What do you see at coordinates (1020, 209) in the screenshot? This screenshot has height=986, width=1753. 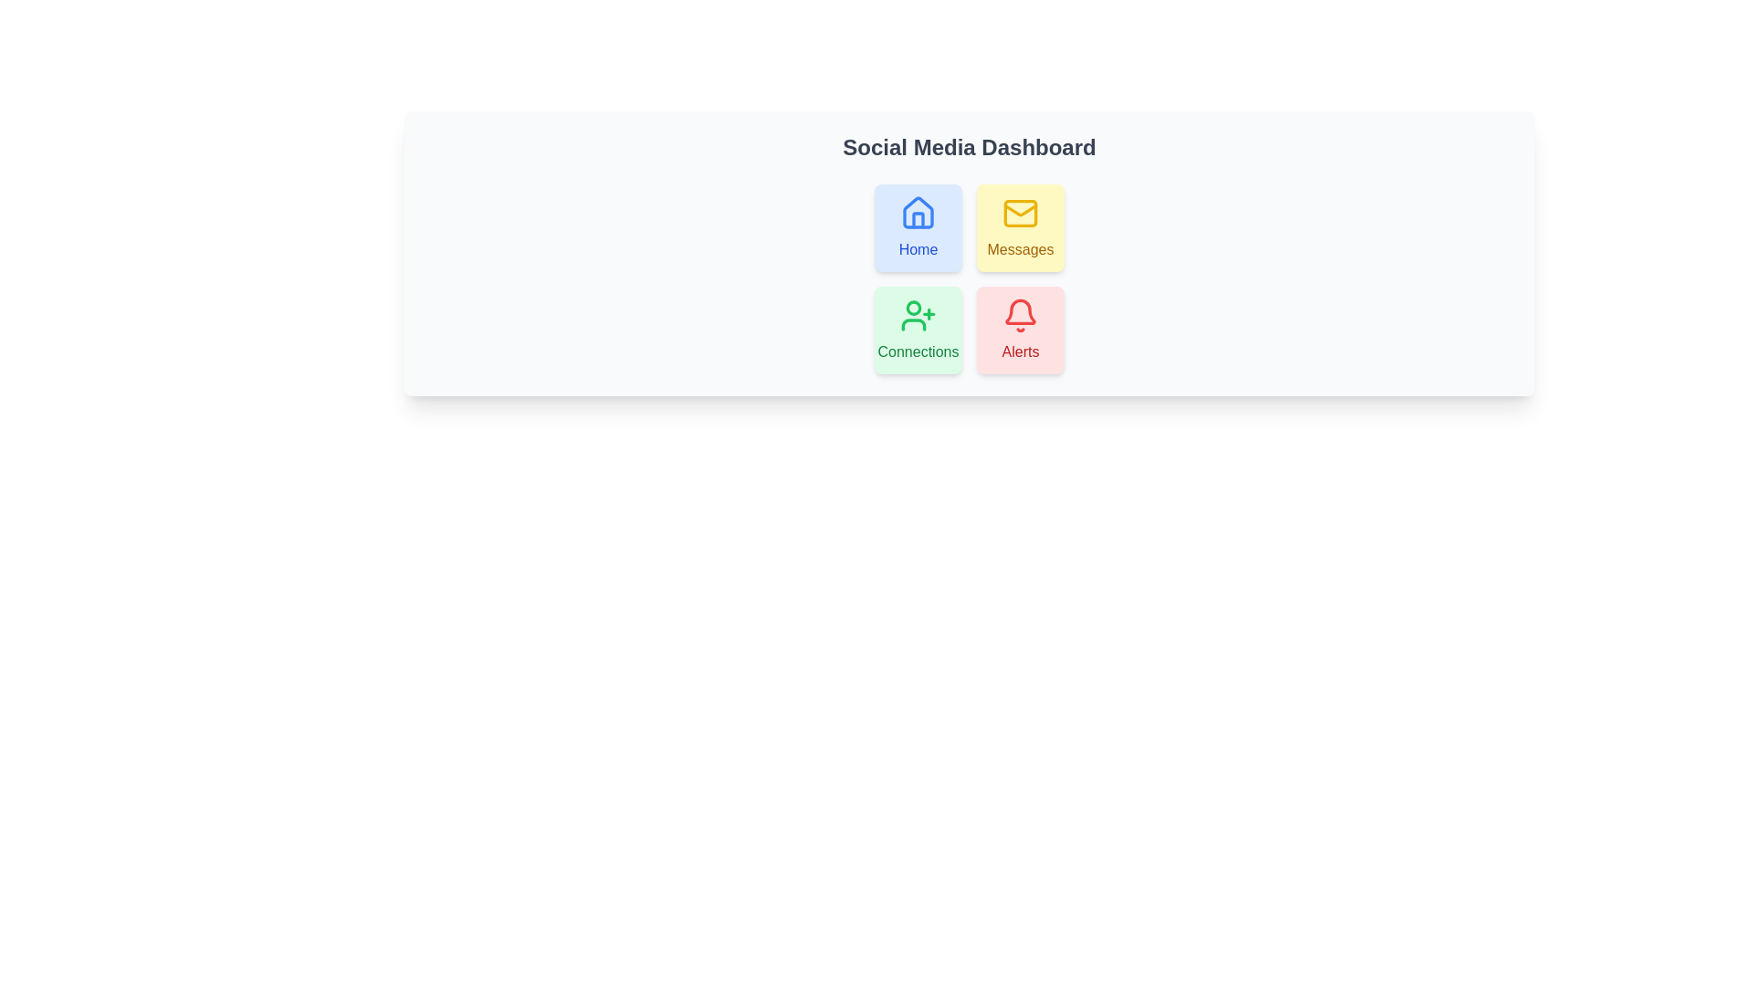 I see `the envelope flap icon in the 'Messages' application located in the top-right quadrant of the Social Media Dashboard interface` at bounding box center [1020, 209].